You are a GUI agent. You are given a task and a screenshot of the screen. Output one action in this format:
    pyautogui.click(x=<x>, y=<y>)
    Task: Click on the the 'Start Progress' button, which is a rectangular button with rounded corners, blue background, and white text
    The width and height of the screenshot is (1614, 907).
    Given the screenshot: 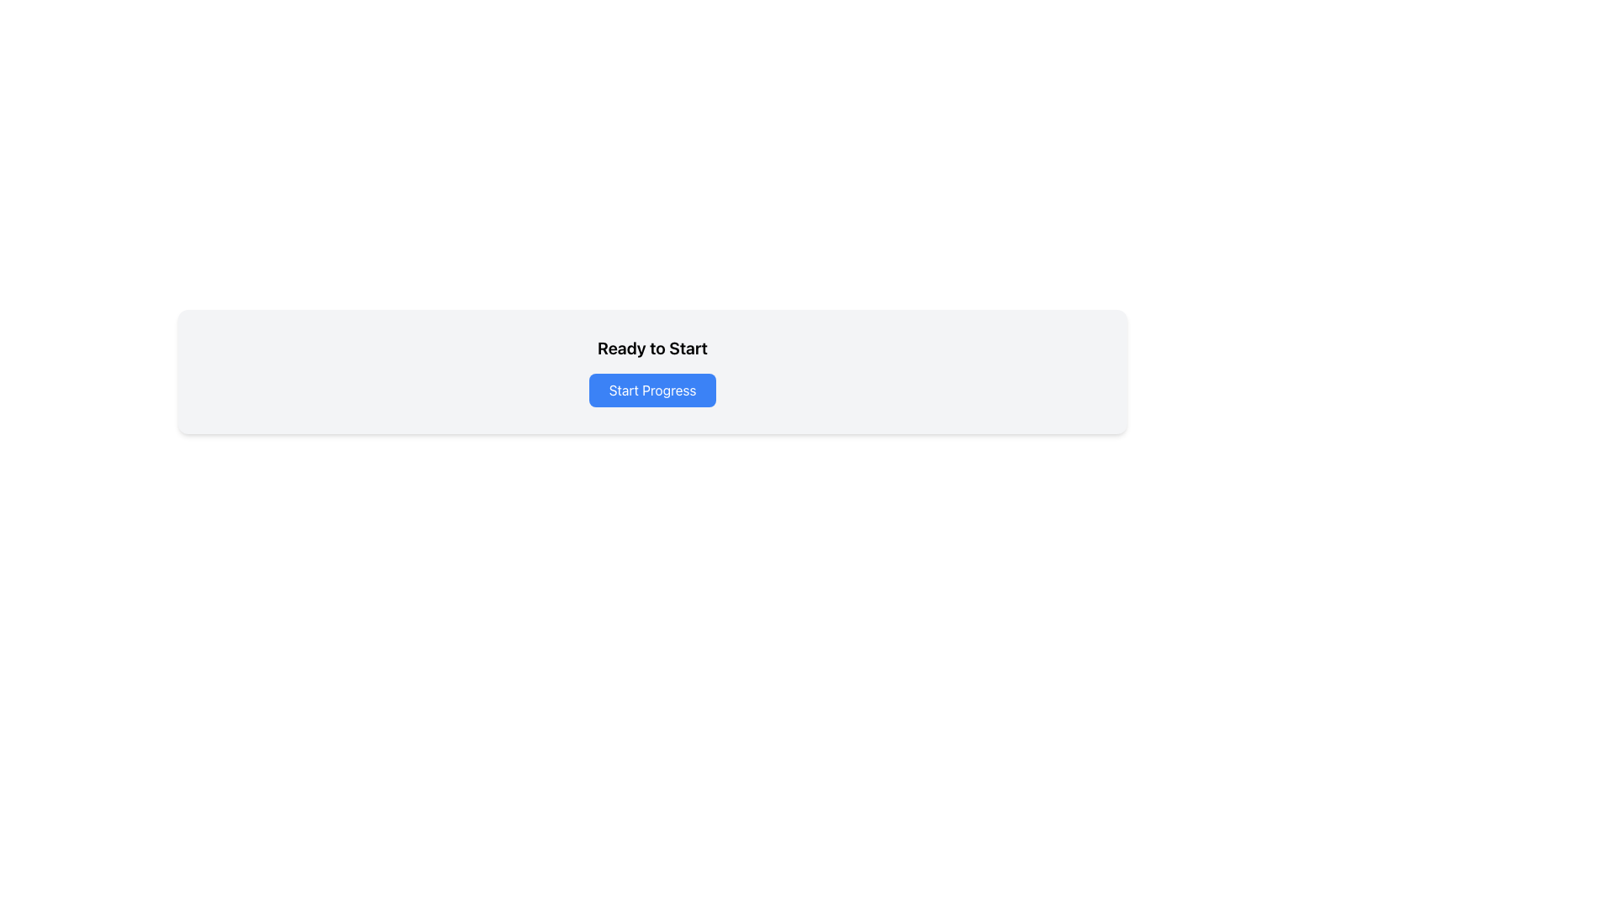 What is the action you would take?
    pyautogui.click(x=651, y=391)
    